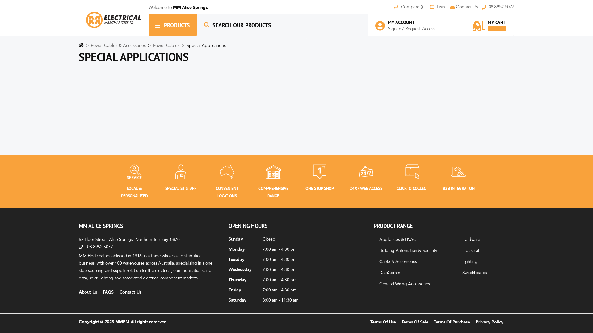 The height and width of the screenshot is (333, 593). Describe the element at coordinates (489, 321) in the screenshot. I see `'Privacy Policy'` at that location.